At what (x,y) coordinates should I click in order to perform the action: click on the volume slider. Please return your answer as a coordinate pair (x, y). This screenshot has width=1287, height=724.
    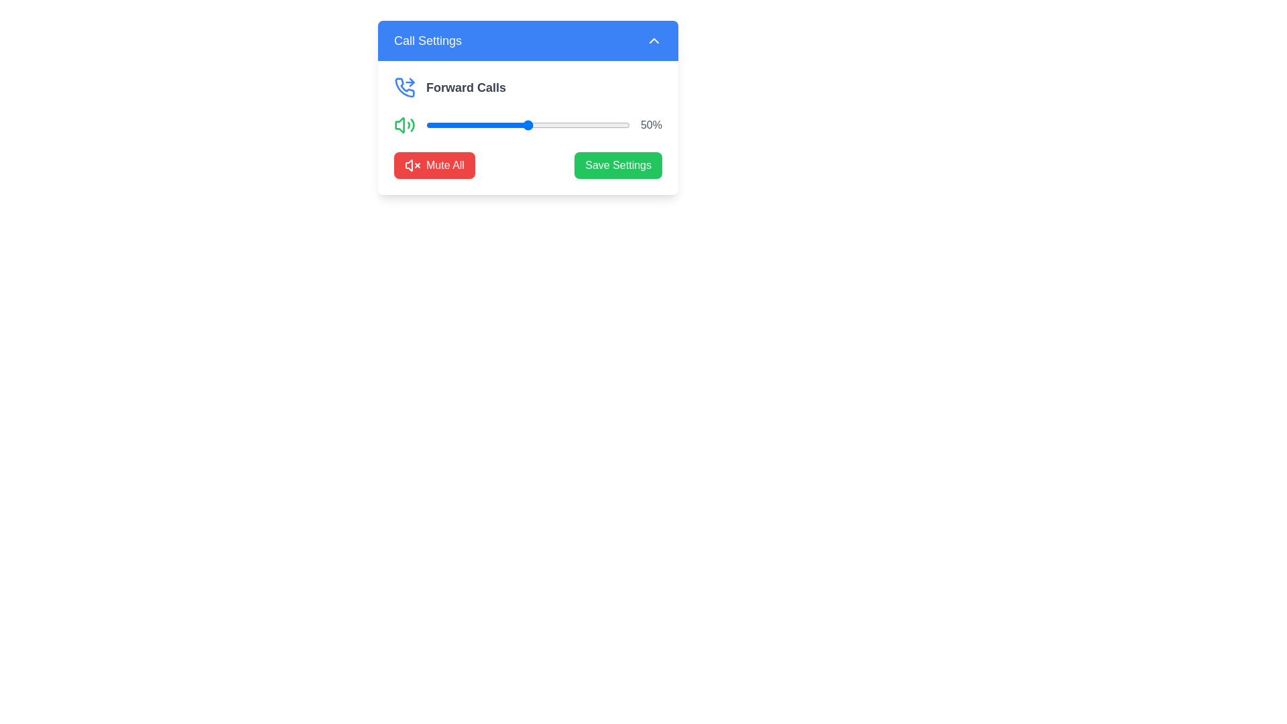
    Looking at the image, I should click on (587, 125).